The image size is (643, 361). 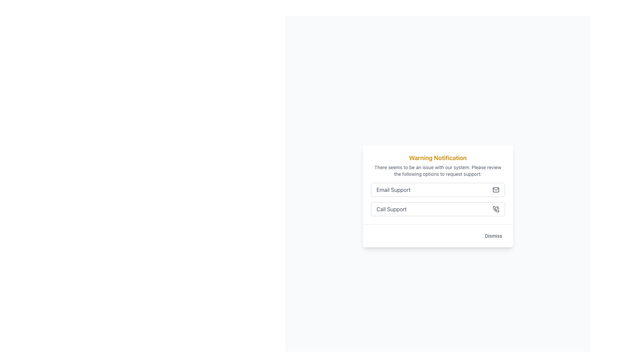 I want to click on informational label located in the notification card, positioned below the header 'Warning Notification' and above the 'Email Support' and 'Call Support' buttons, so click(x=438, y=170).